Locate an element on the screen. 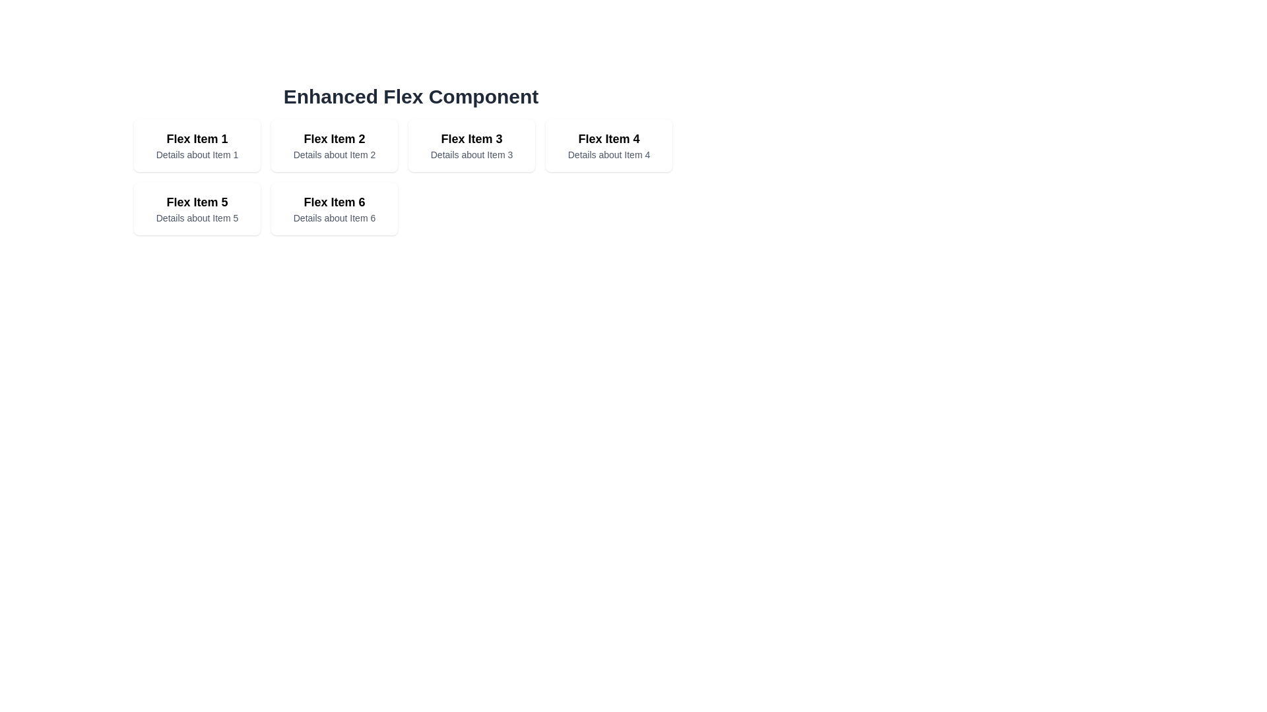 This screenshot has height=712, width=1267. the text snippet reading 'Details about Item 2' located beneath the title 'Flex Item 2' in the second card of the grid layout is located at coordinates (335, 154).